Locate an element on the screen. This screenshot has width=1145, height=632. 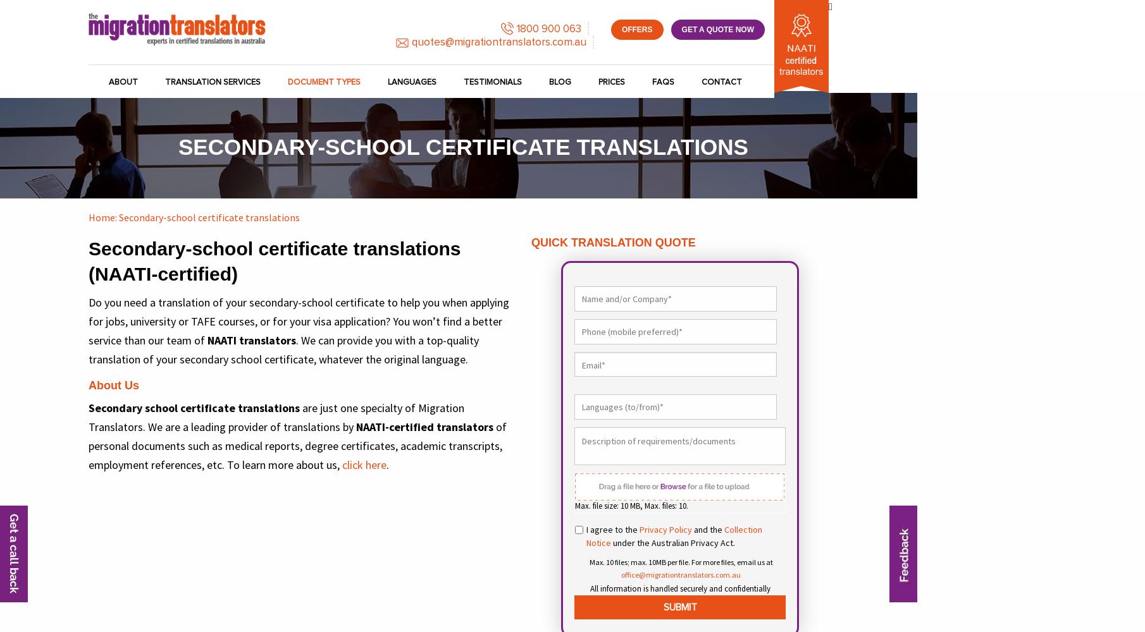
'About Us' is located at coordinates (113, 385).